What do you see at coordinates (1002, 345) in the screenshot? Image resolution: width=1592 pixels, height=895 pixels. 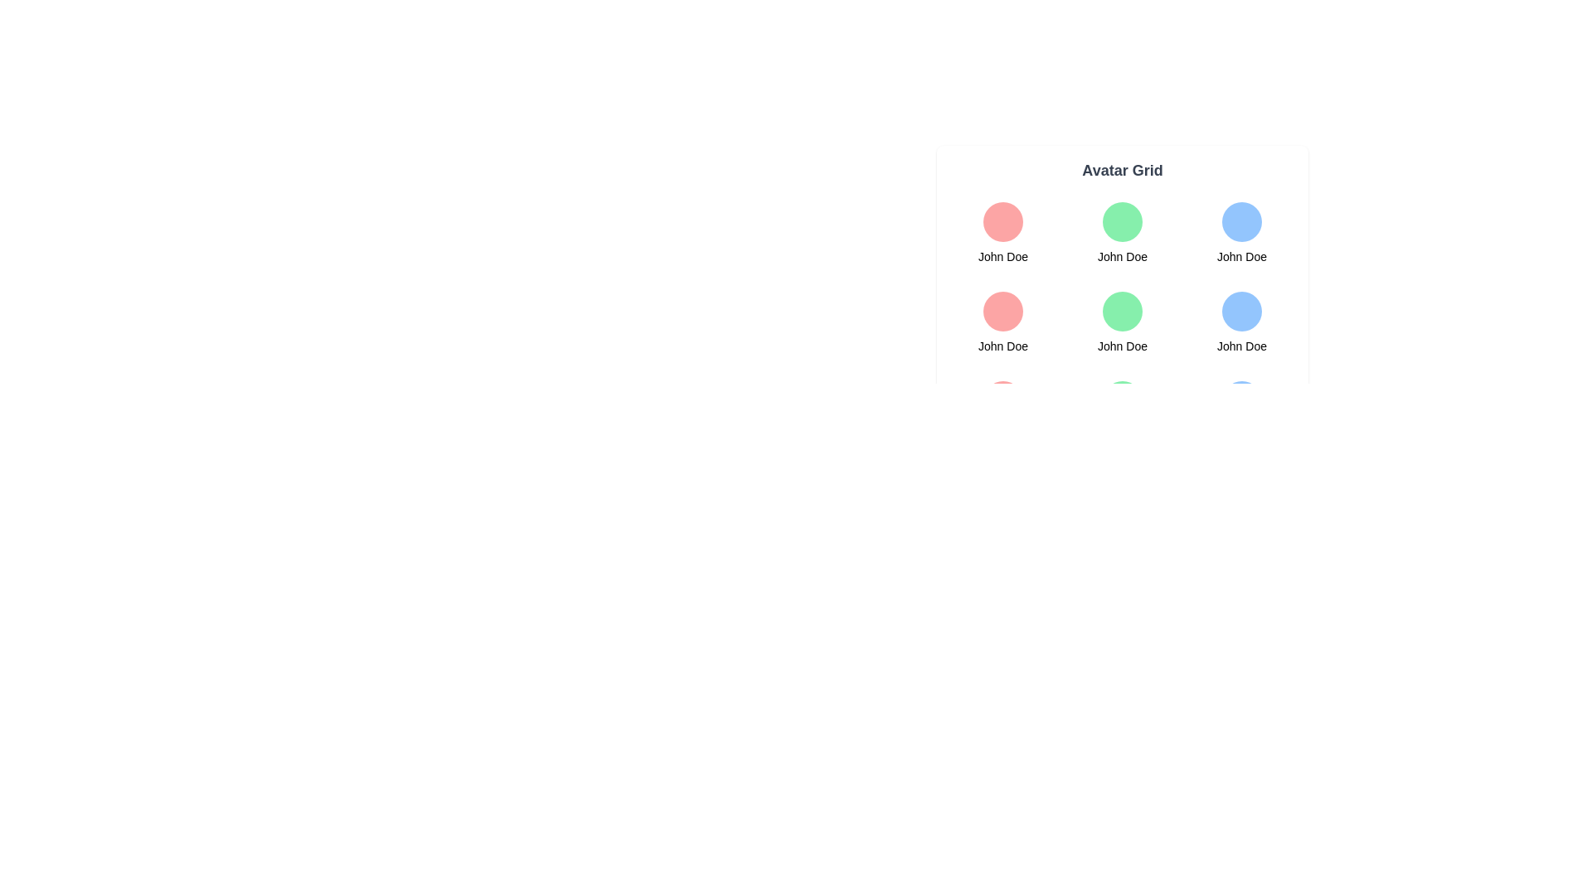 I see `the Text Label that displays the name associated with the avatar above it, located in the Avatar Grid, second column of the second row` at bounding box center [1002, 345].